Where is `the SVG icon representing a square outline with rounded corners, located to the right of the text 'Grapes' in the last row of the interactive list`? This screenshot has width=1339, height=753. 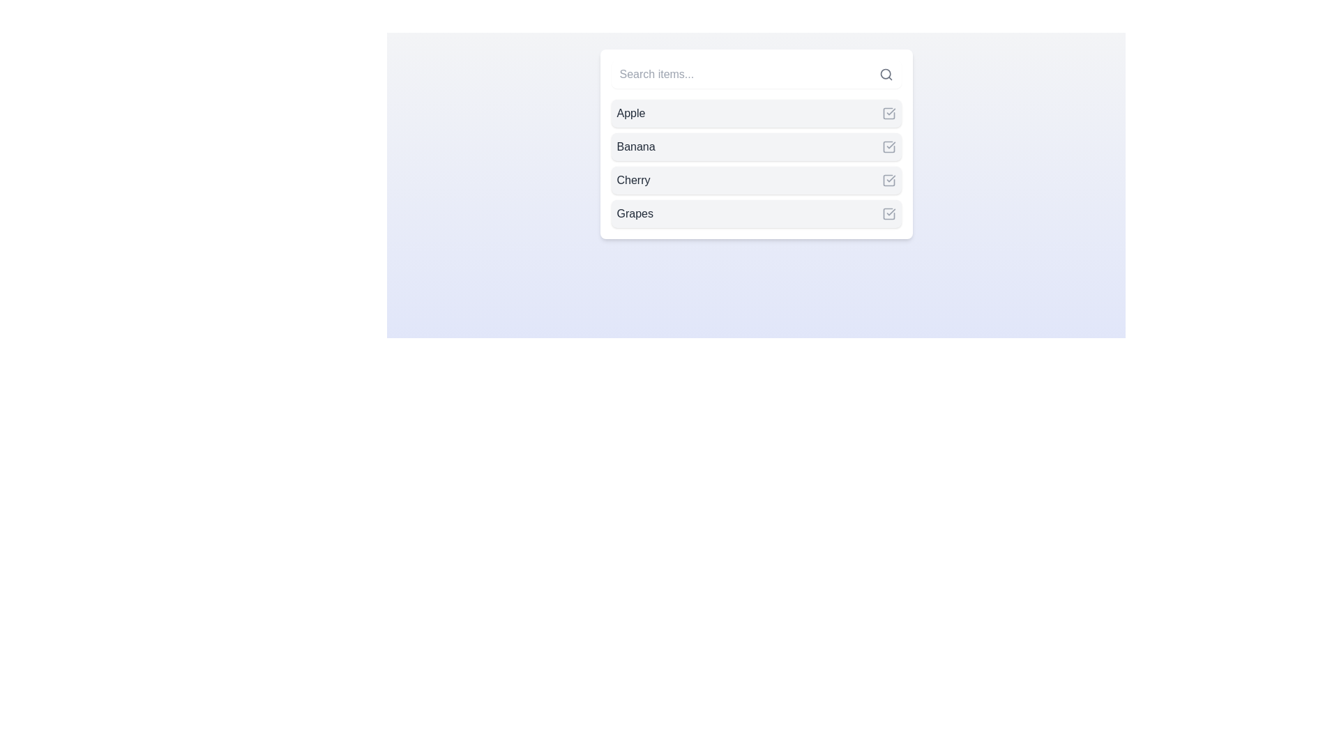 the SVG icon representing a square outline with rounded corners, located to the right of the text 'Grapes' in the last row of the interactive list is located at coordinates (888, 214).